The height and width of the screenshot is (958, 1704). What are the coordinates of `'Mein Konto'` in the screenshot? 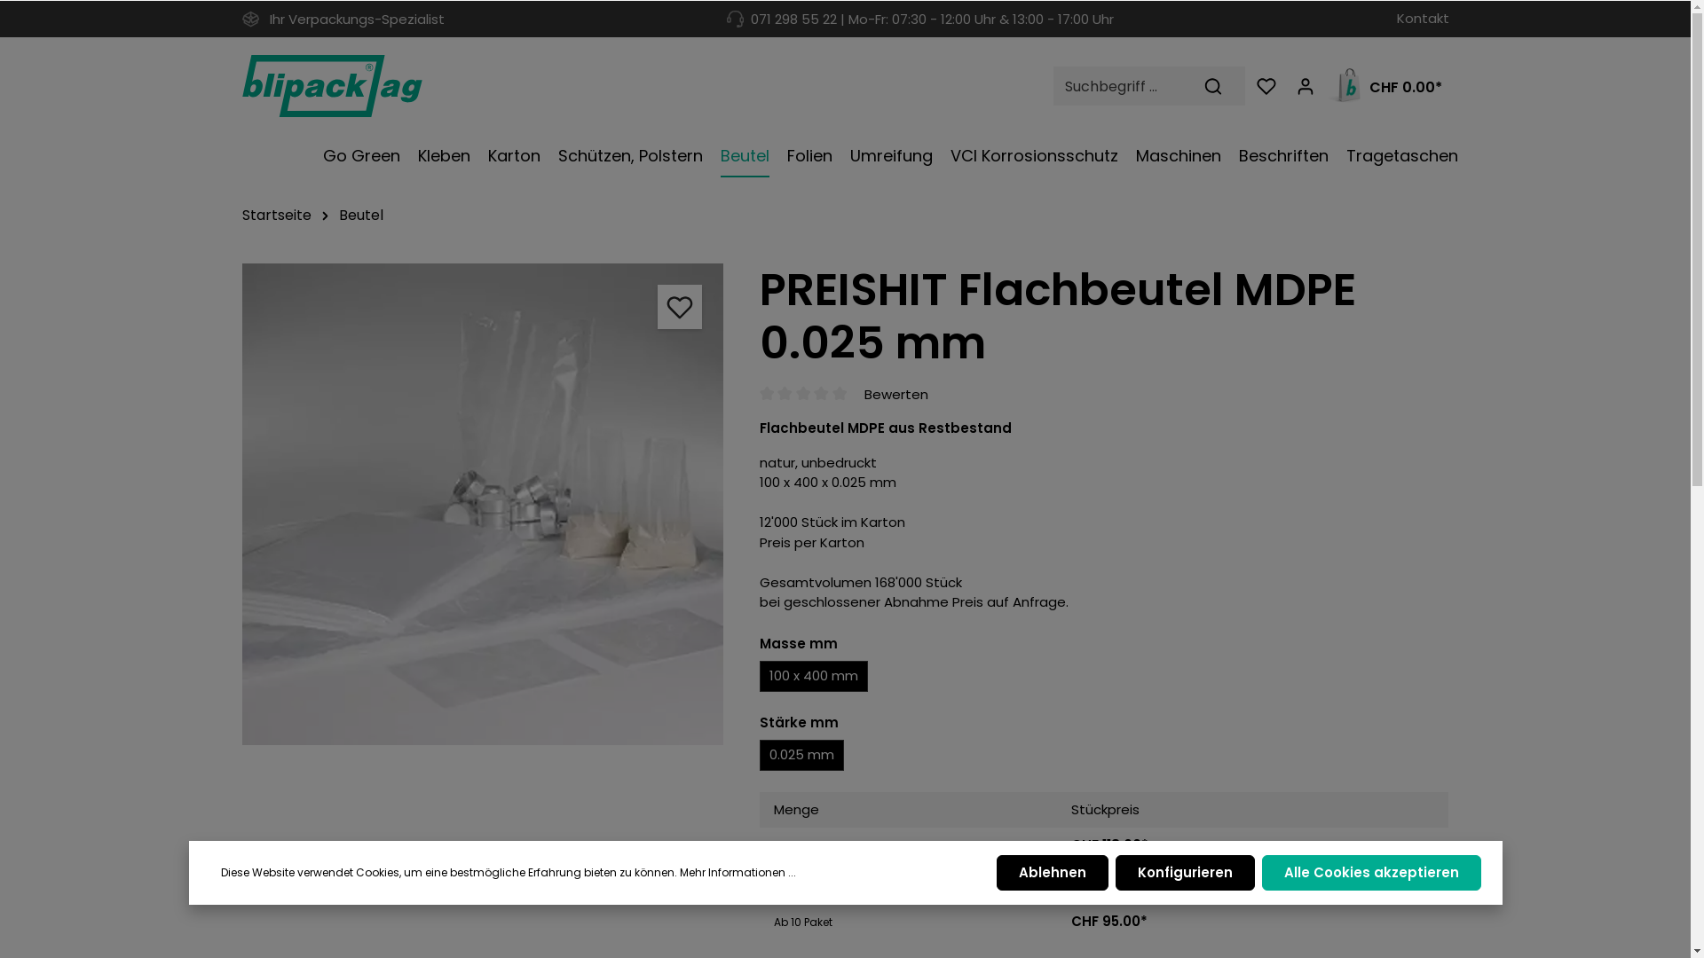 It's located at (1304, 85).